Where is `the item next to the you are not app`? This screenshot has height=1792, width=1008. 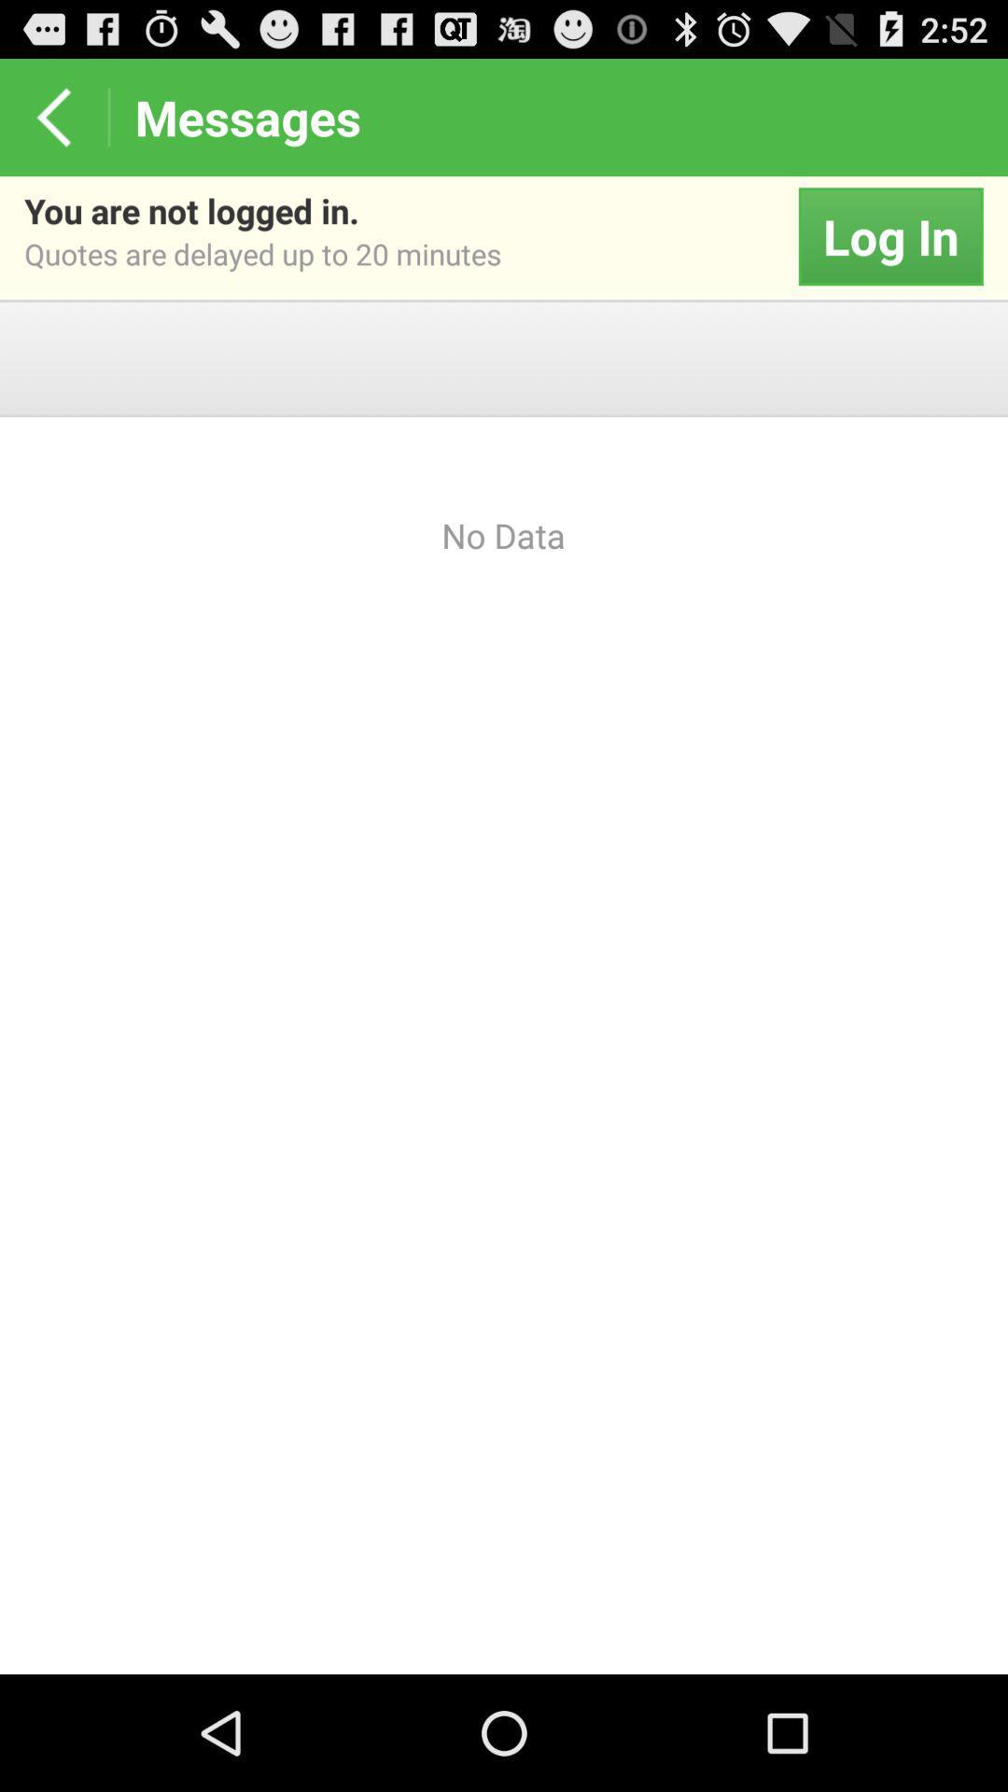
the item next to the you are not app is located at coordinates (889, 236).